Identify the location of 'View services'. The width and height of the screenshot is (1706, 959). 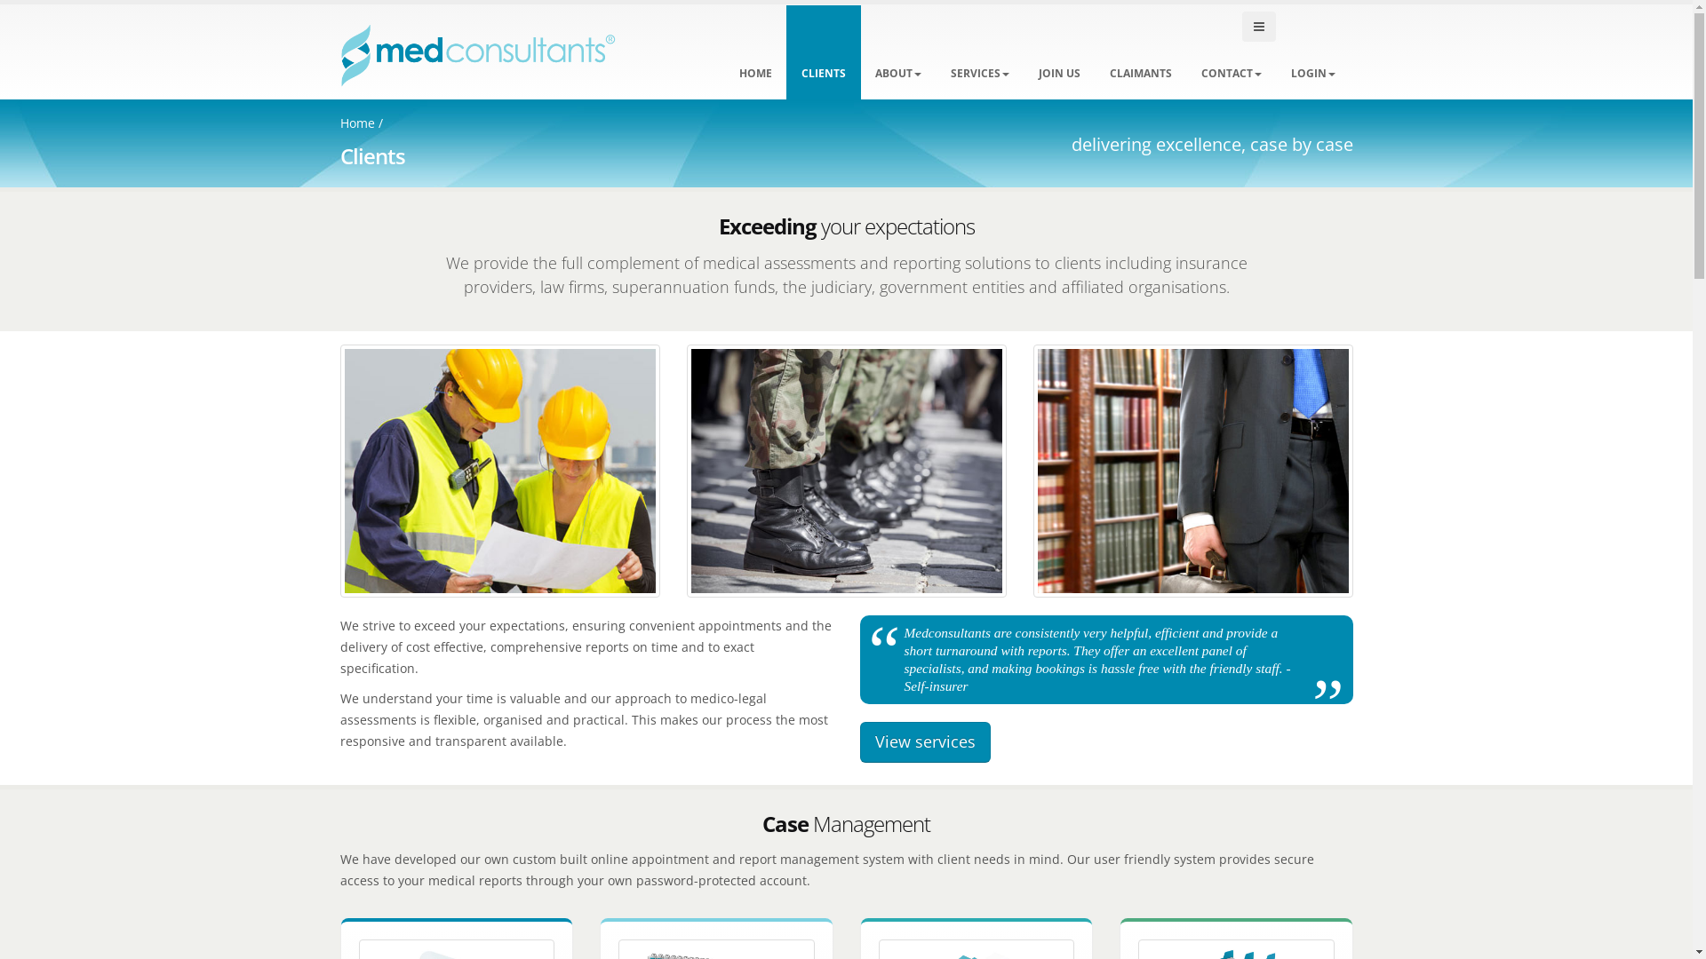
(924, 742).